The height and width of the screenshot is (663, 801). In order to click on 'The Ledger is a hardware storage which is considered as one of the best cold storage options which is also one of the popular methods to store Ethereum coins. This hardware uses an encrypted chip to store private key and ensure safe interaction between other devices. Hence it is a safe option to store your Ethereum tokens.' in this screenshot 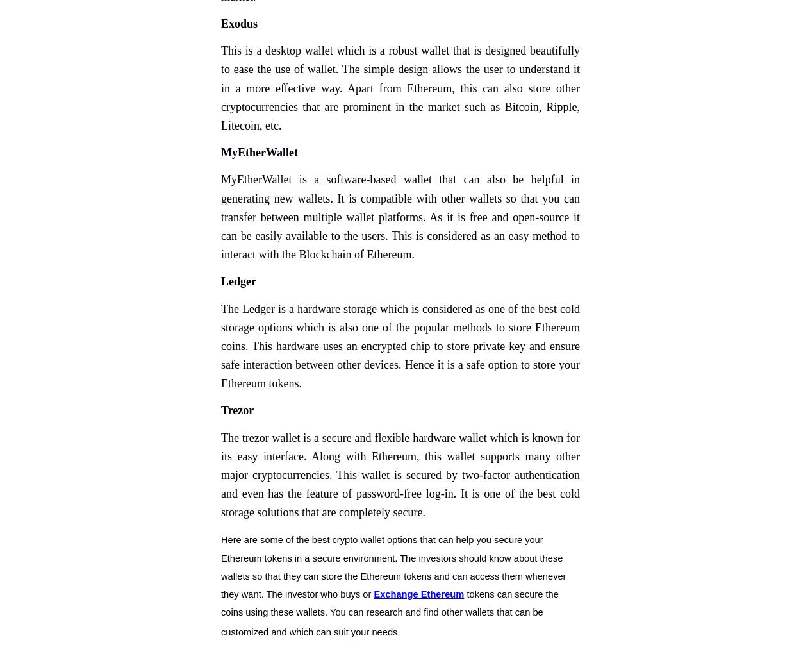, I will do `click(400, 346)`.